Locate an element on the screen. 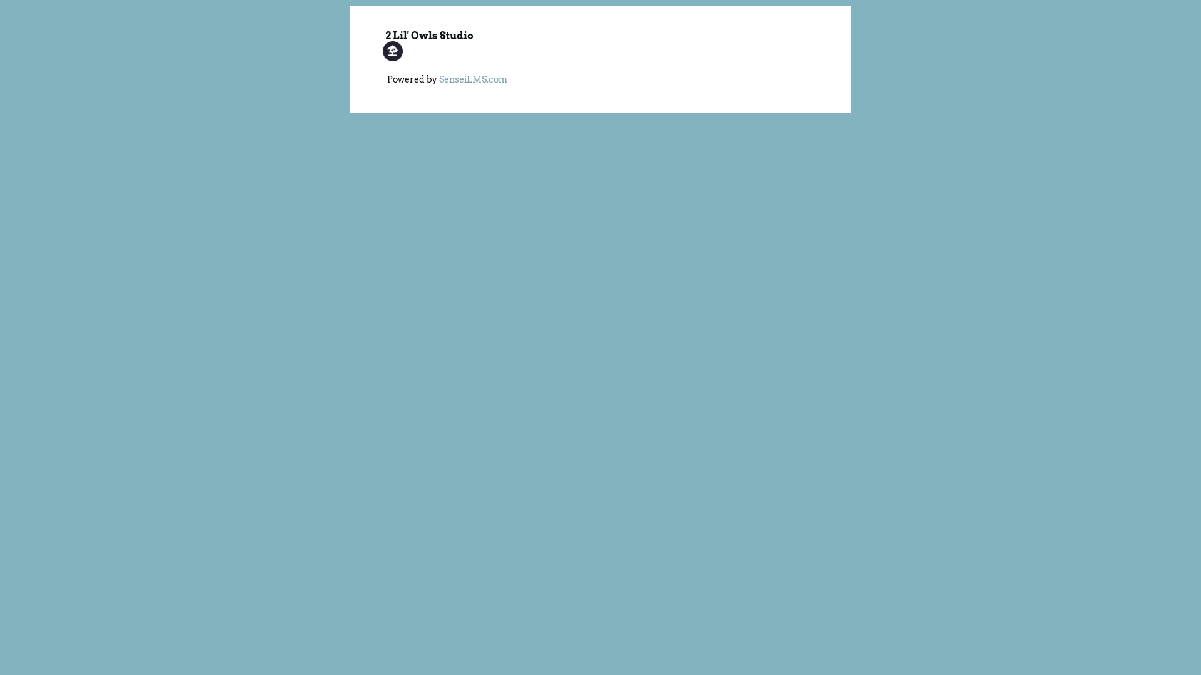 The height and width of the screenshot is (675, 1201). 'SenseiLMS.com' is located at coordinates (472, 79).